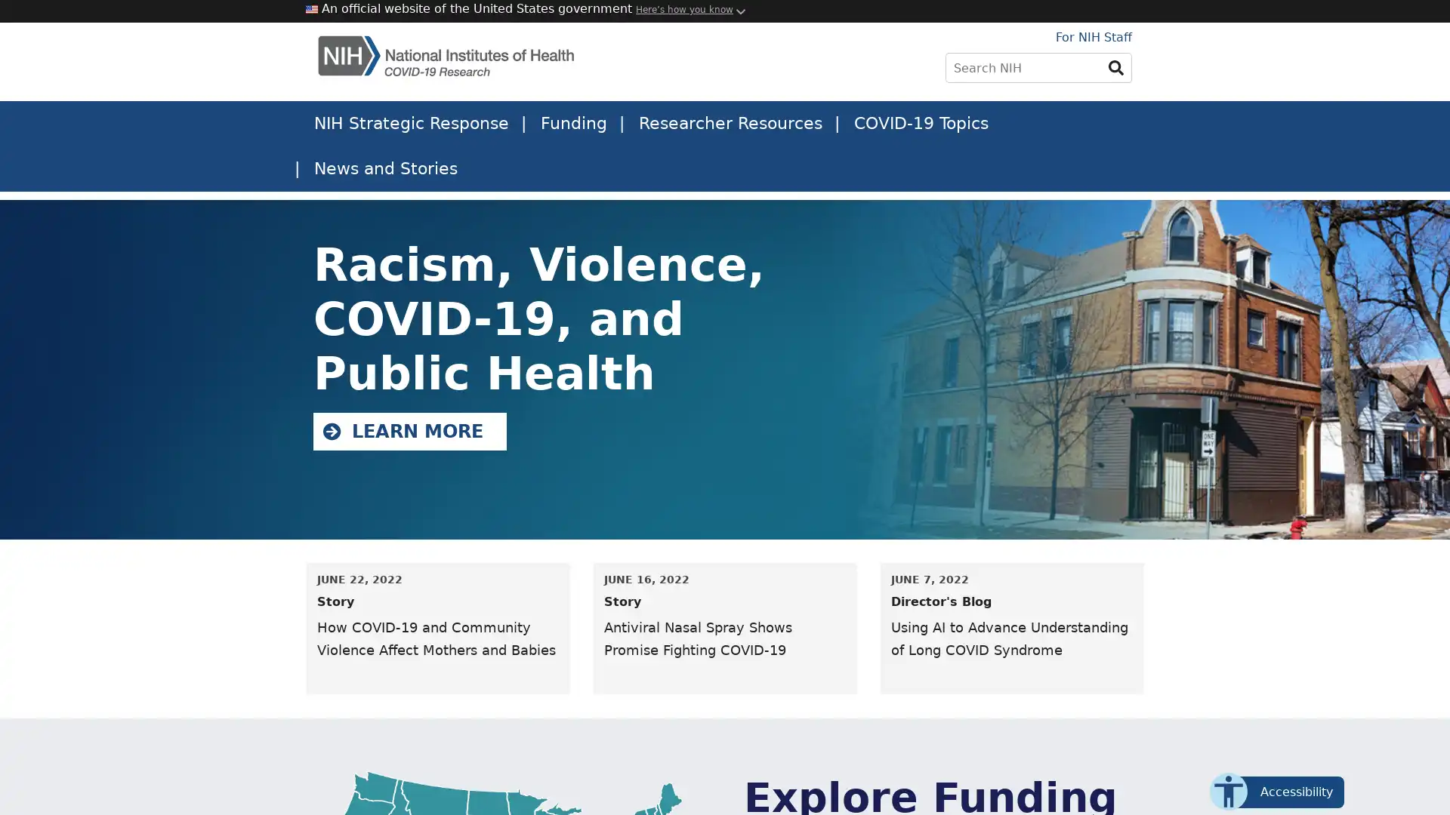  I want to click on Search, so click(1116, 66).